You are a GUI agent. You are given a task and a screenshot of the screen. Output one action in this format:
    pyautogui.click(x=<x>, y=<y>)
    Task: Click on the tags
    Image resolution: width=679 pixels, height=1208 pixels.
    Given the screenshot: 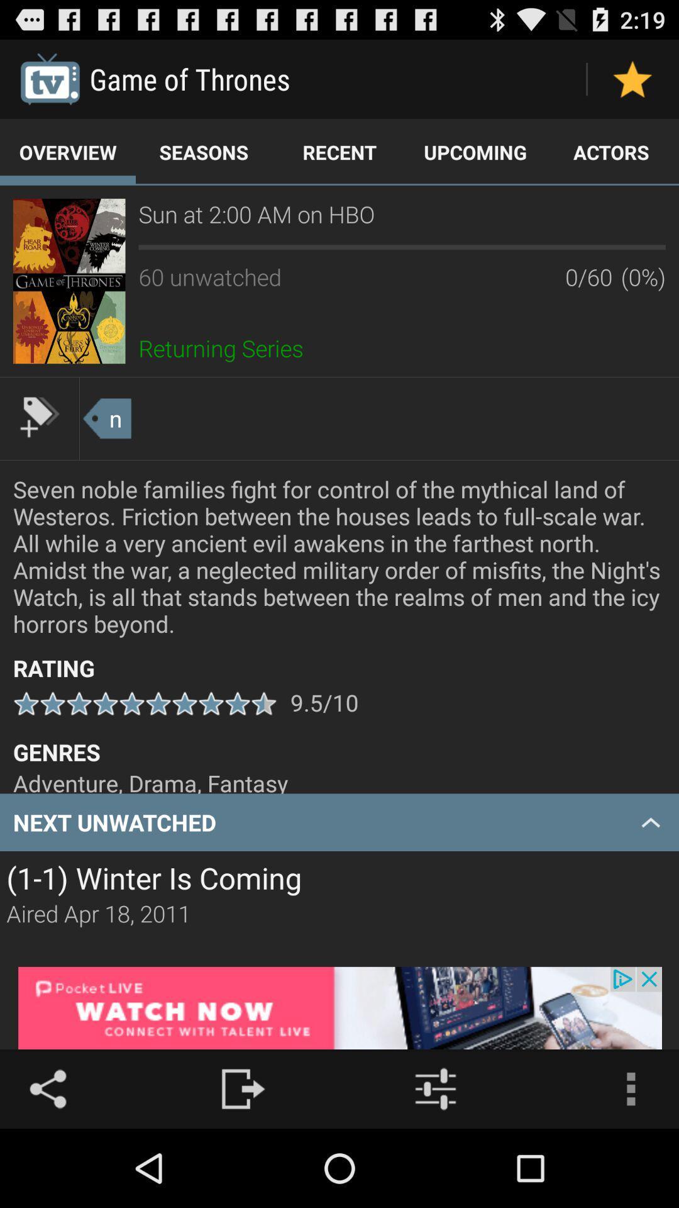 What is the action you would take?
    pyautogui.click(x=38, y=417)
    